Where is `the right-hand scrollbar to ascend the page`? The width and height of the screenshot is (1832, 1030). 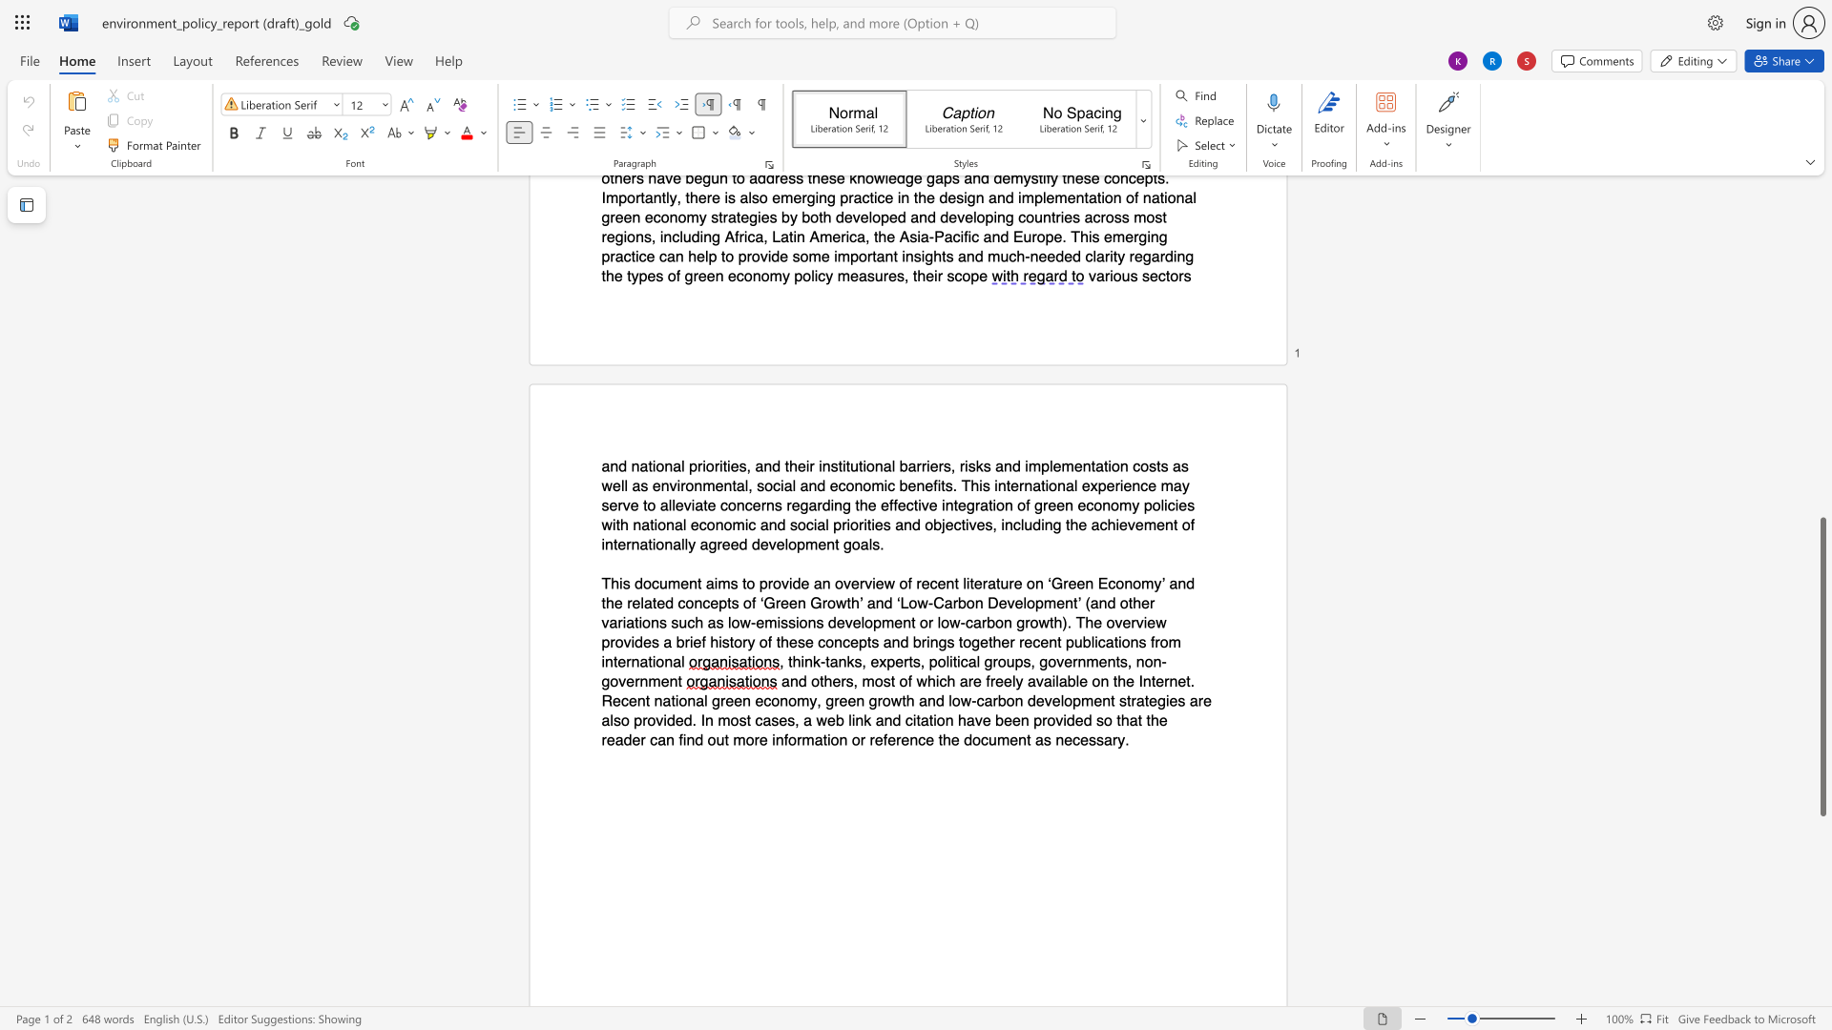 the right-hand scrollbar to ascend the page is located at coordinates (1822, 495).